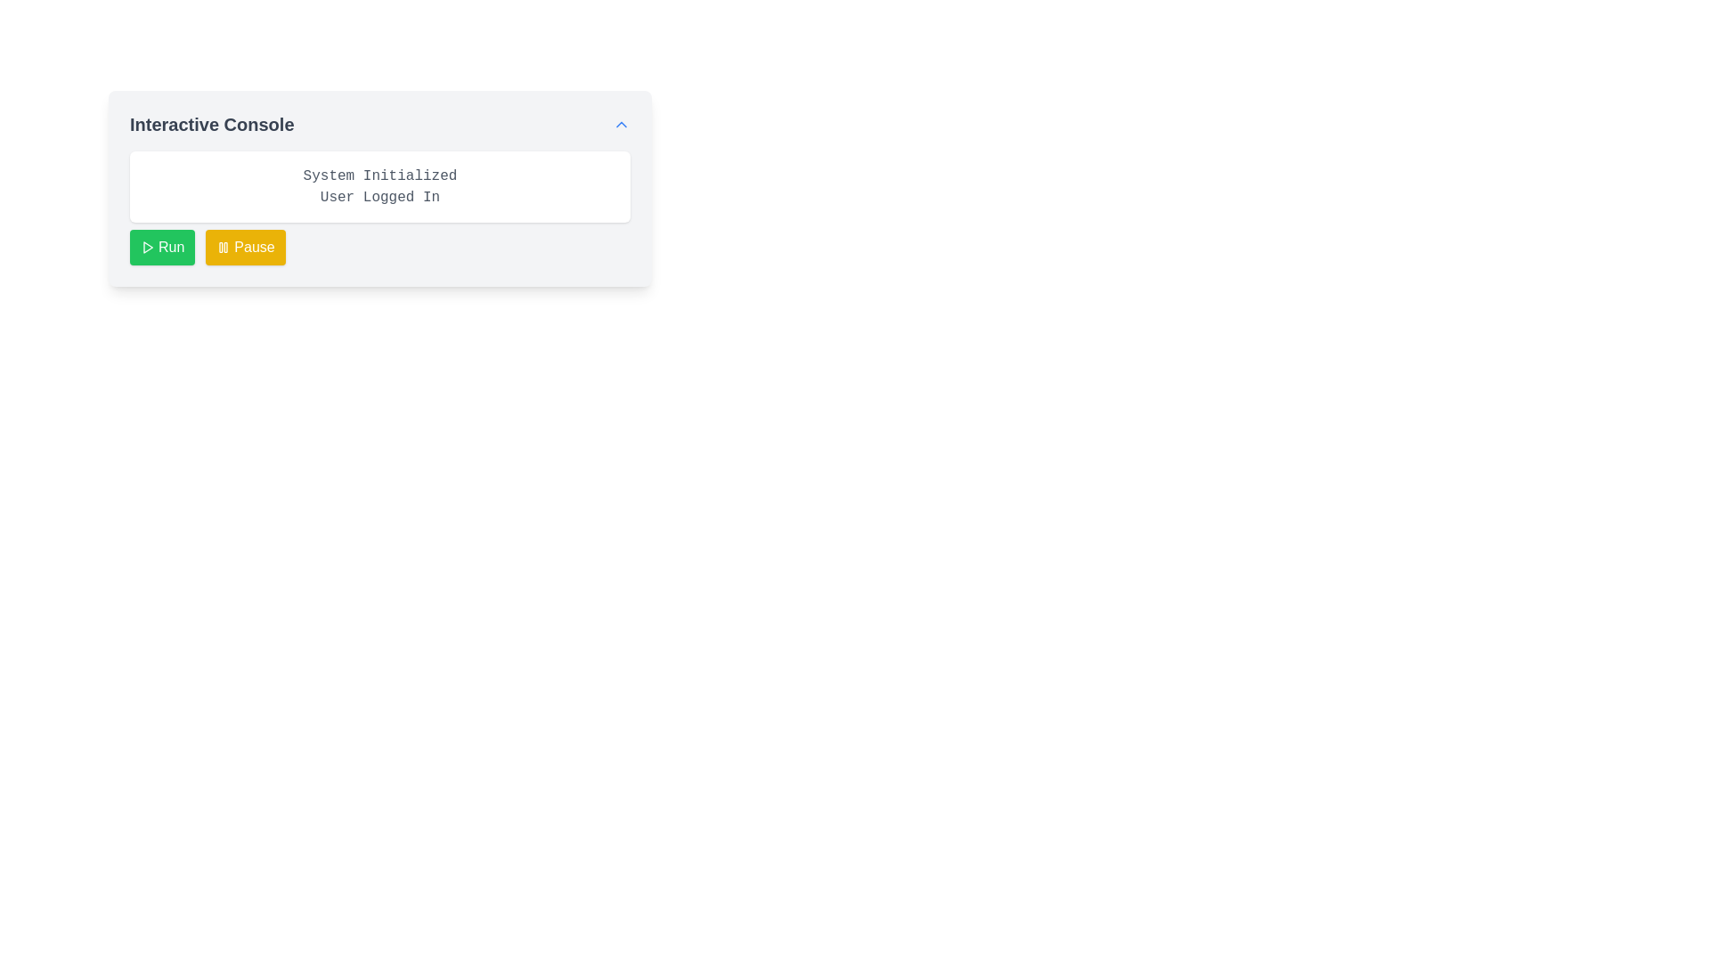  What do you see at coordinates (223, 247) in the screenshot?
I see `yellow pause button icon, which is a modern minimalist design with two vertical bars, for debugging purposes` at bounding box center [223, 247].